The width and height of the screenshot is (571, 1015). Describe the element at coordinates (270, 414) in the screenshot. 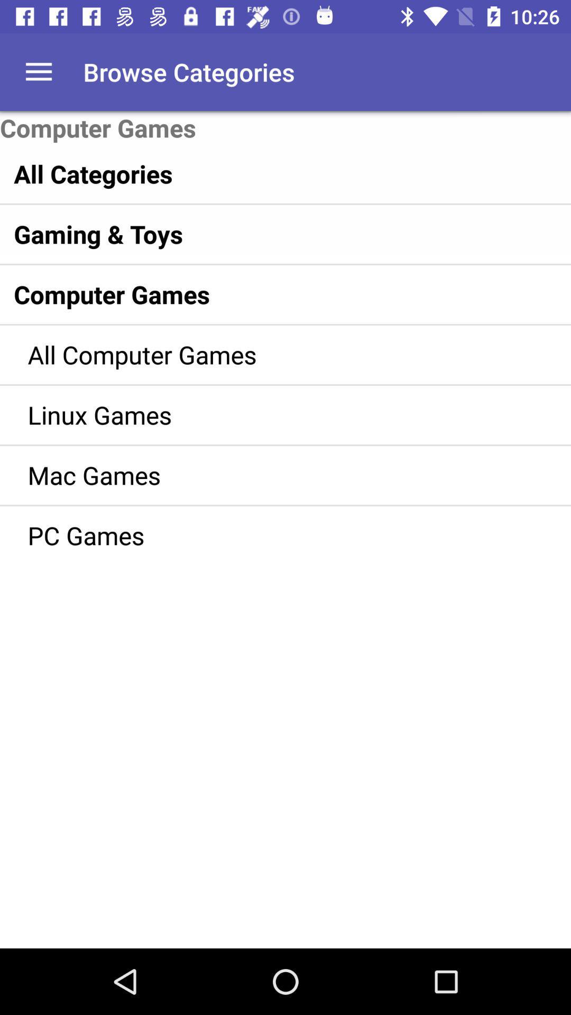

I see `the linux games item` at that location.